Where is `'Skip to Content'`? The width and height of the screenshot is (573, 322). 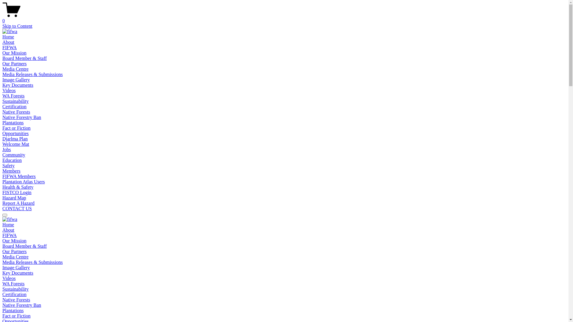
'Skip to Content' is located at coordinates (2, 26).